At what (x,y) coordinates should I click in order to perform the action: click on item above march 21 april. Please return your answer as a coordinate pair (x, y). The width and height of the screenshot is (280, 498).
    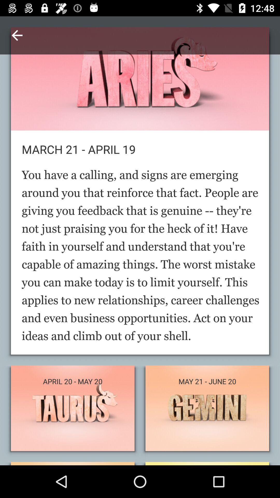
    Looking at the image, I should click on (17, 35).